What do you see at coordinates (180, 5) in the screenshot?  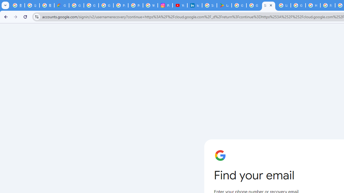 I see `'YouTube Culture & Trends - On The Rise: Handcam Videos'` at bounding box center [180, 5].